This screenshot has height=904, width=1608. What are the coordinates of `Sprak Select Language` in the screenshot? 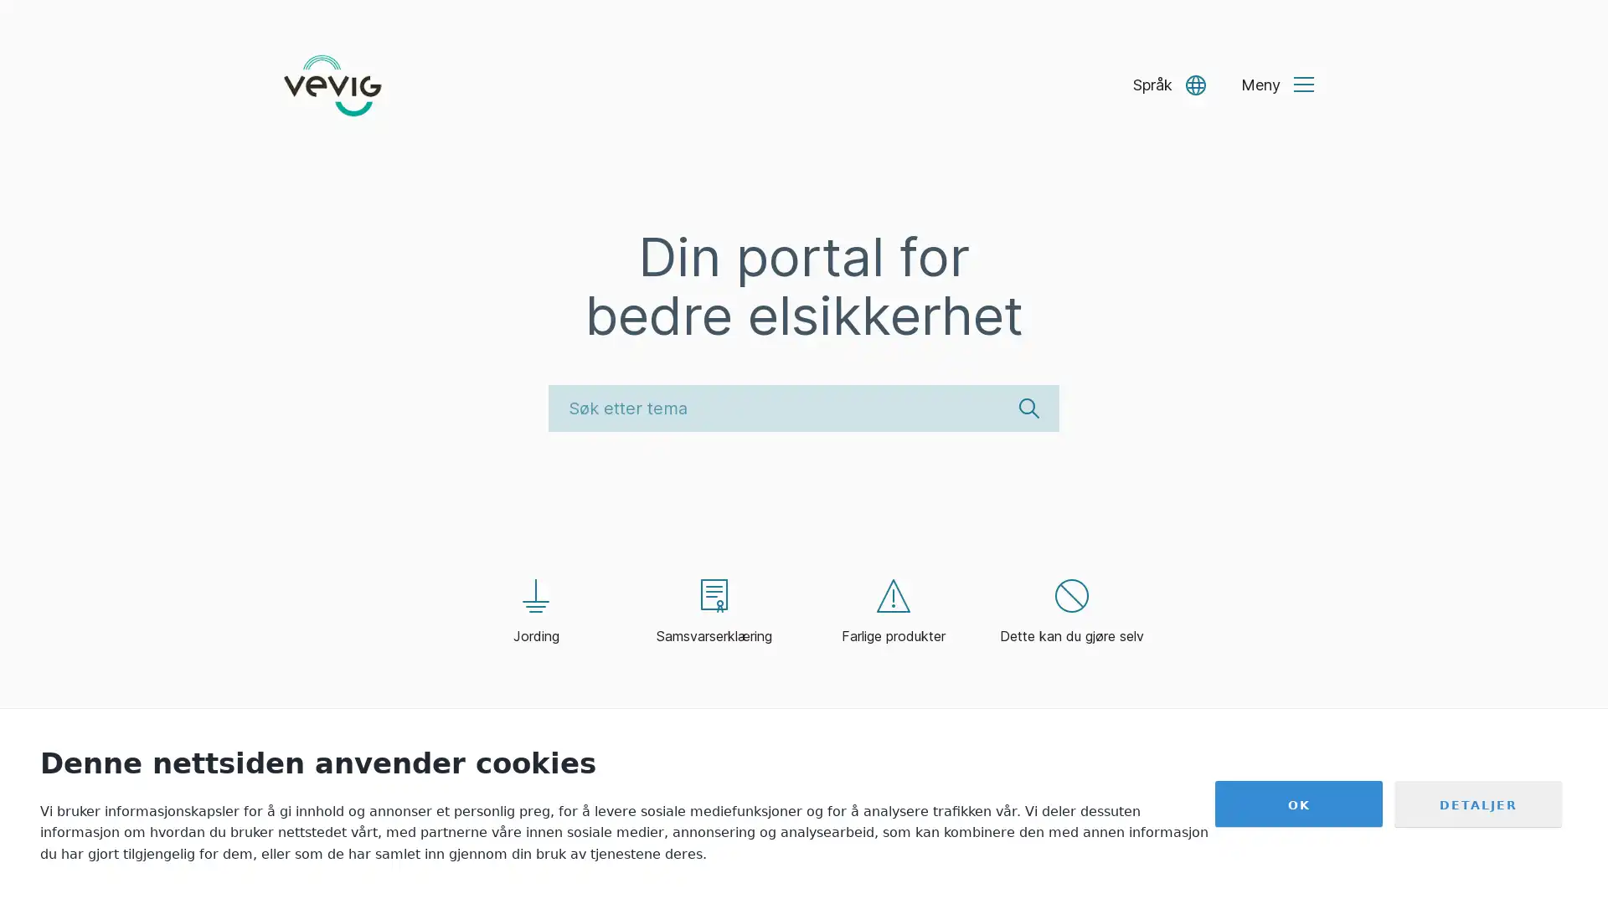 It's located at (1168, 85).